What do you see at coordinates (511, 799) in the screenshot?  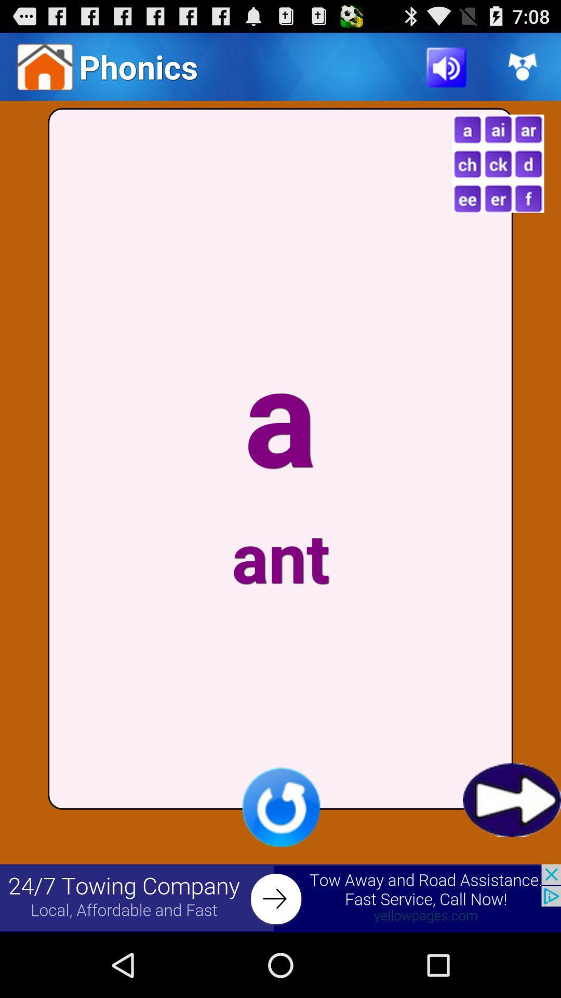 I see `next letter` at bounding box center [511, 799].